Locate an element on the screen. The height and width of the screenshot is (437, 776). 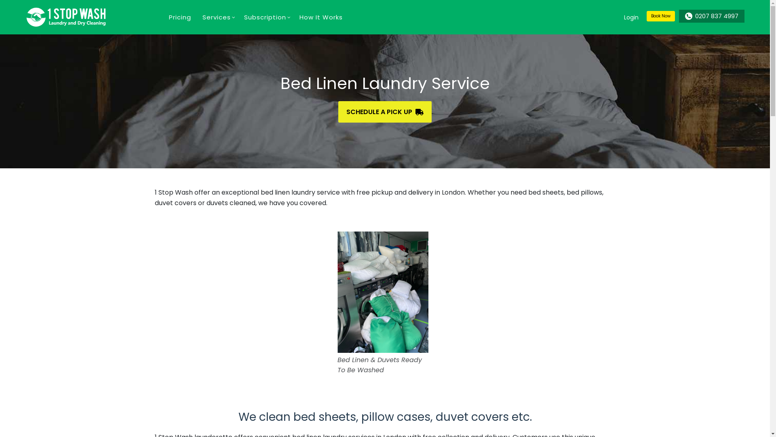
'0207 837 4997' is located at coordinates (709, 17).